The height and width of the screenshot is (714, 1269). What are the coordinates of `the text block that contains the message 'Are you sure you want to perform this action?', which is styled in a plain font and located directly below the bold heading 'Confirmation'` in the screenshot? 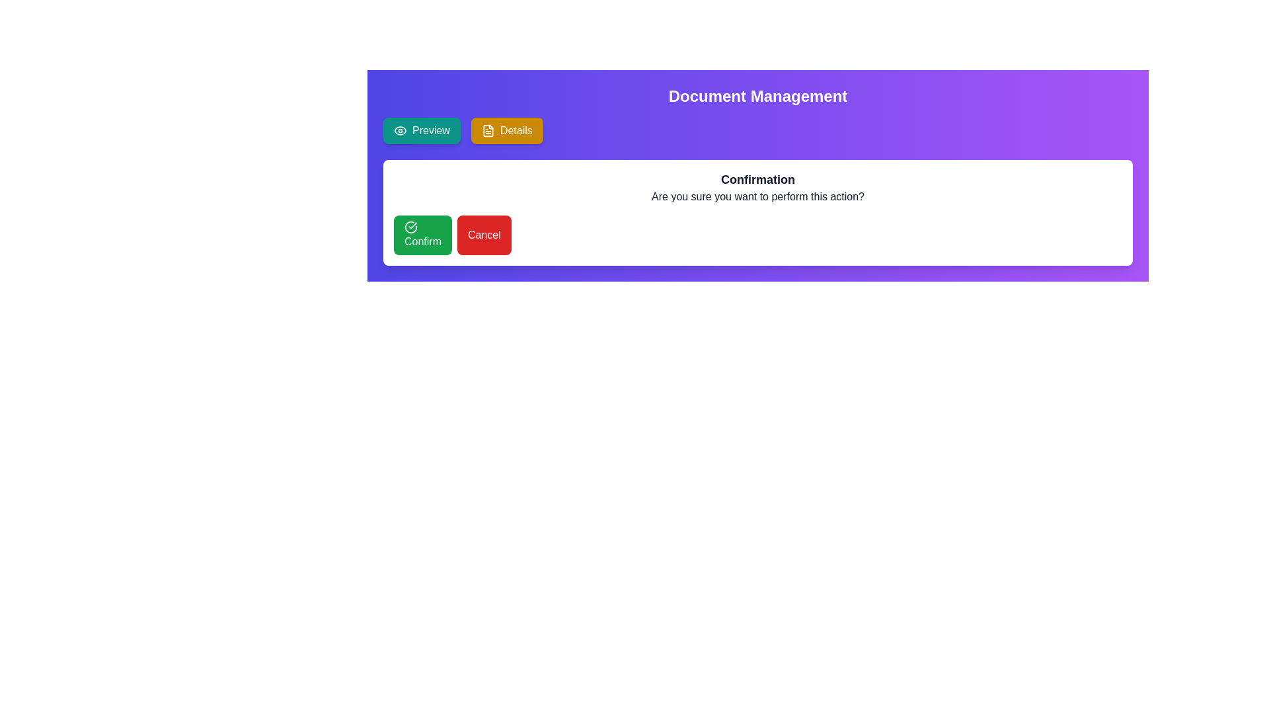 It's located at (758, 196).